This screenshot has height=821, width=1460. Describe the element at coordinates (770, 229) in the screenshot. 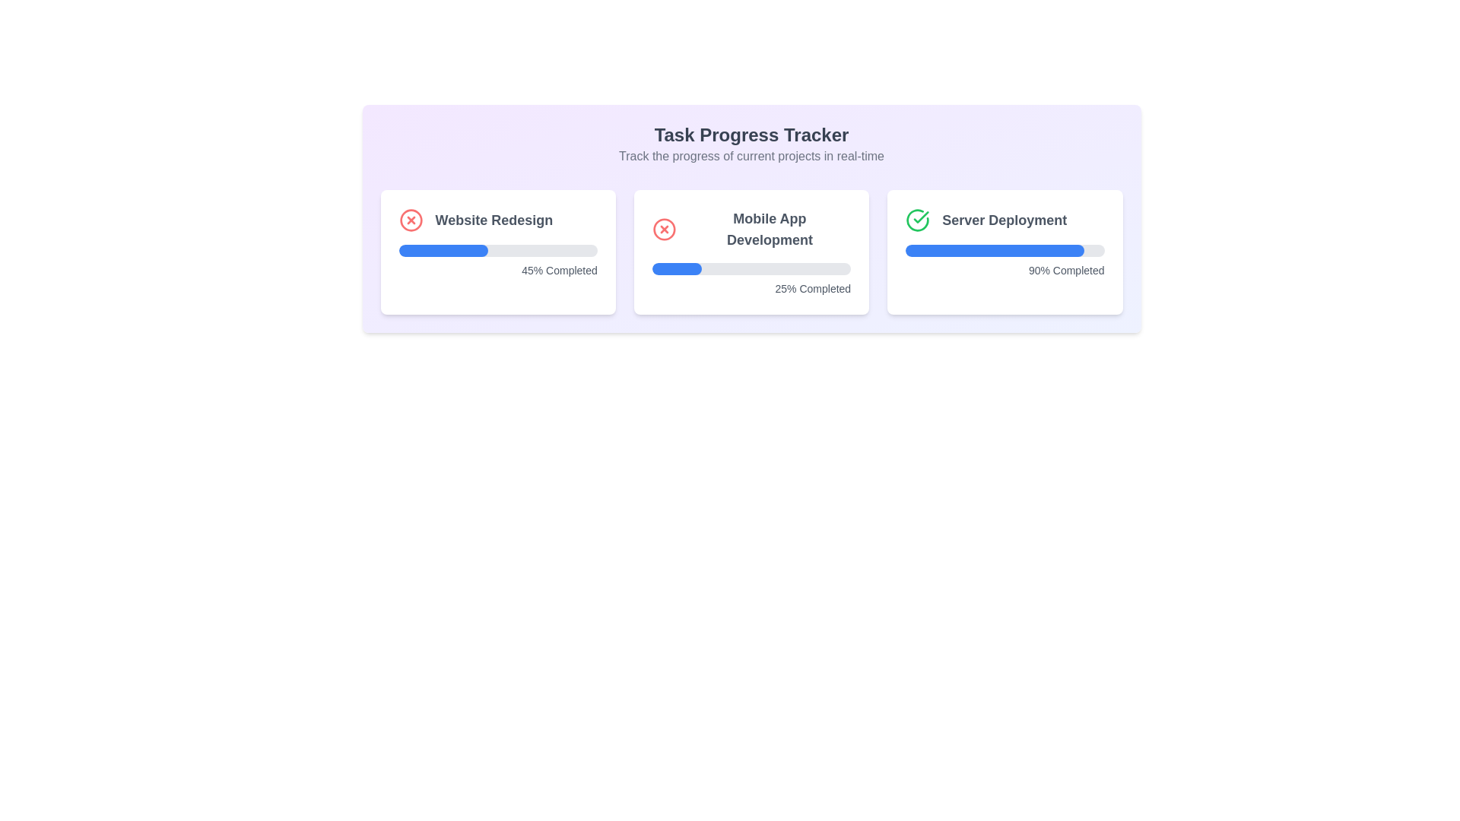

I see `the text label displaying 'Mobile App Development', which is styled with a bold font and gray color, located centrally within a structured card layout` at that location.